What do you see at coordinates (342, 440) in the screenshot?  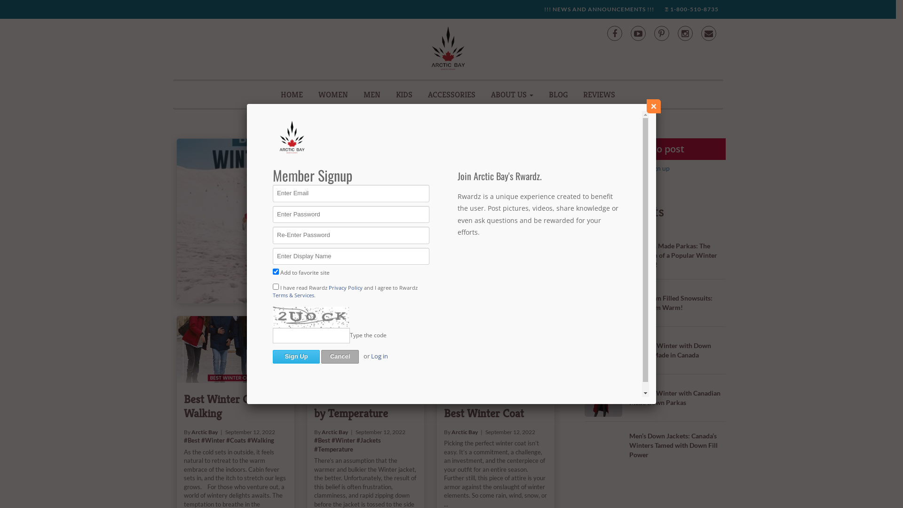 I see `'#Winter'` at bounding box center [342, 440].